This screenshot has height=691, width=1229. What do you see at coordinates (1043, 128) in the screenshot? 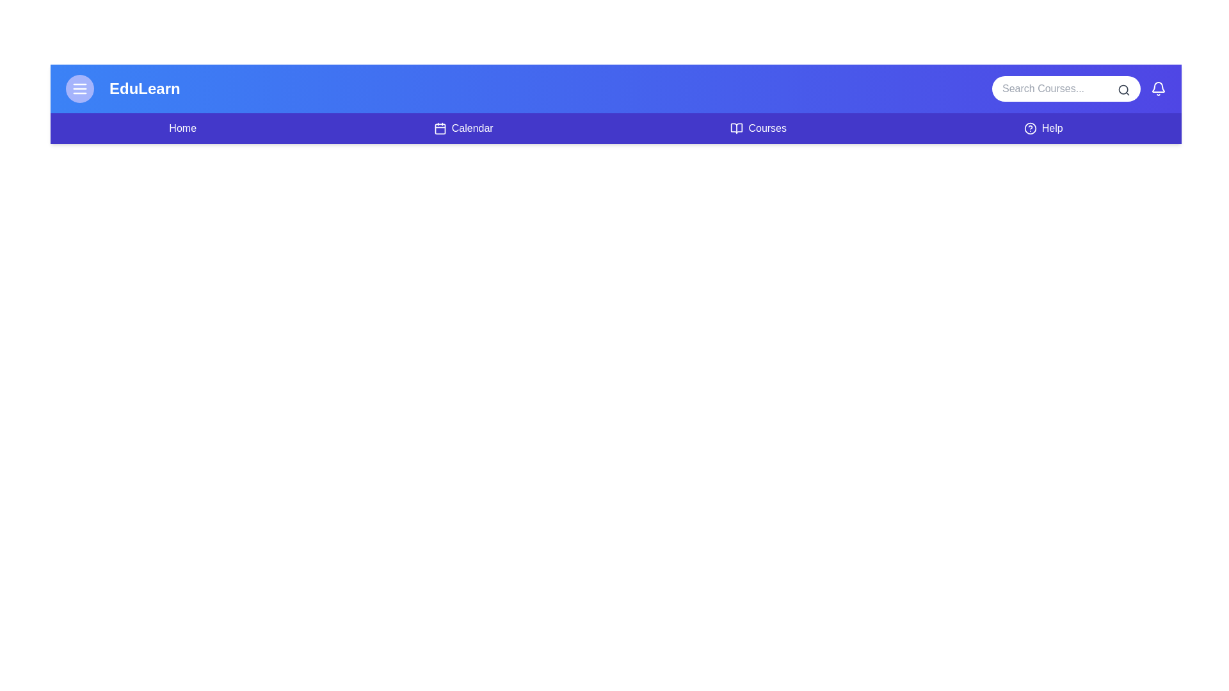
I see `the navigation link for Help to navigate to the corresponding section` at bounding box center [1043, 128].